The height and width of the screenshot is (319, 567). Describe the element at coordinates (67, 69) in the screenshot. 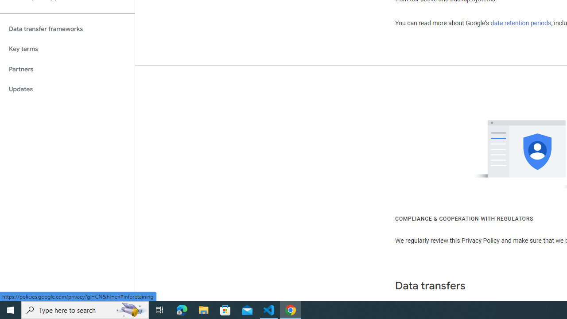

I see `'Partners'` at that location.